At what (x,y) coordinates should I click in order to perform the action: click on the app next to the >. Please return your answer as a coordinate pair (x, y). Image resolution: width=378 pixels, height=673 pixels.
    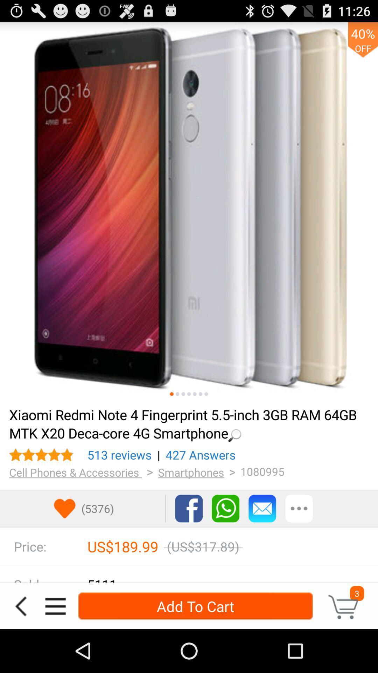
    Looking at the image, I should click on (75, 472).